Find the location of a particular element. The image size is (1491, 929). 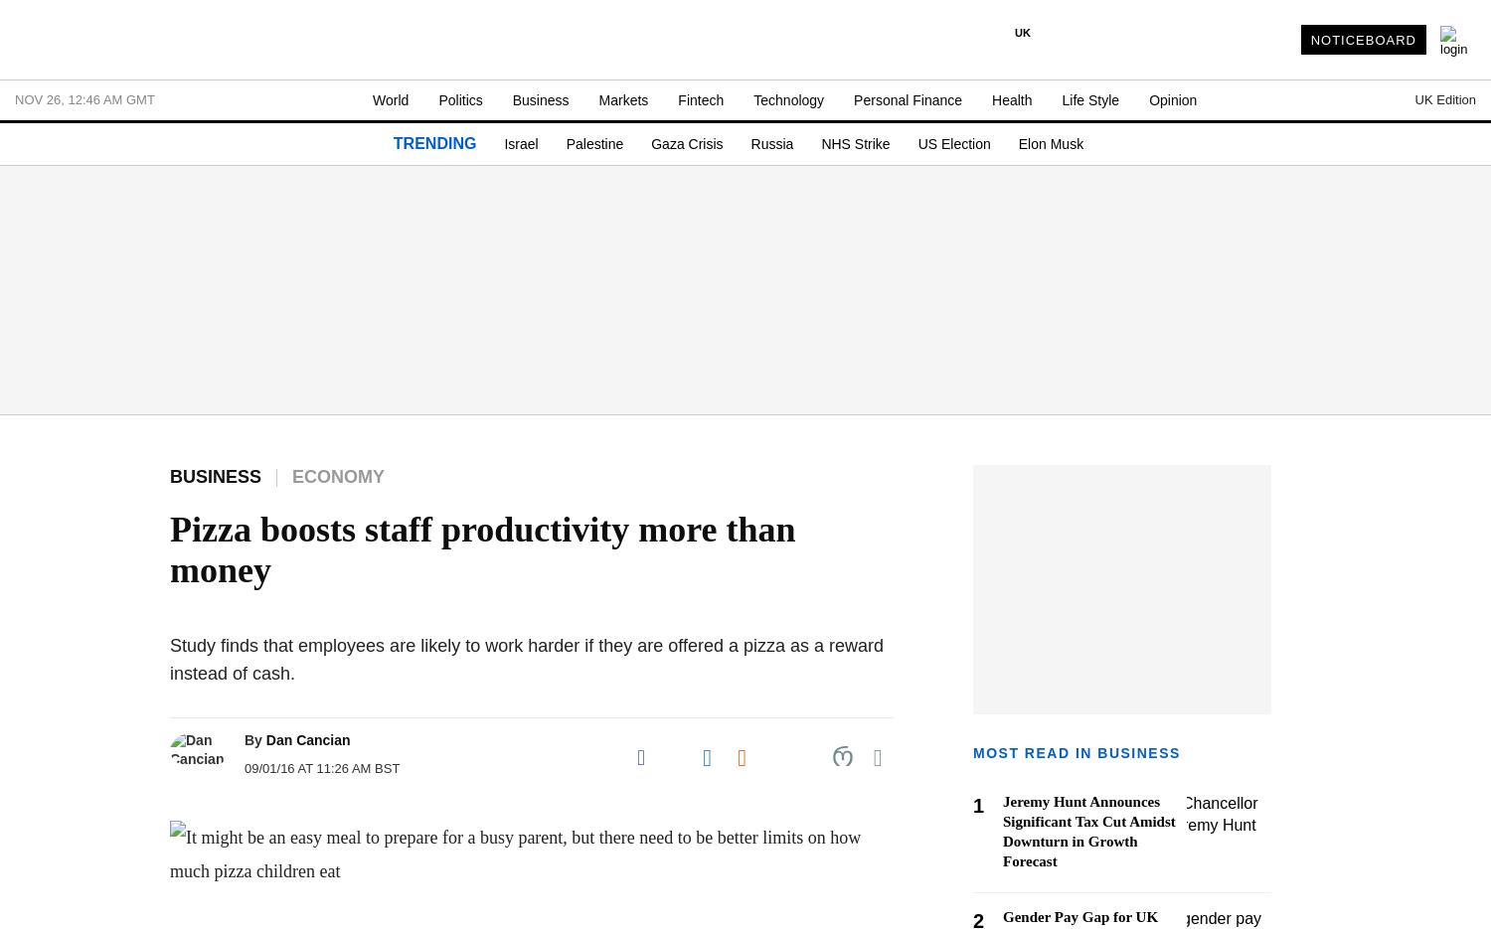

'Economy' is located at coordinates (337, 477).